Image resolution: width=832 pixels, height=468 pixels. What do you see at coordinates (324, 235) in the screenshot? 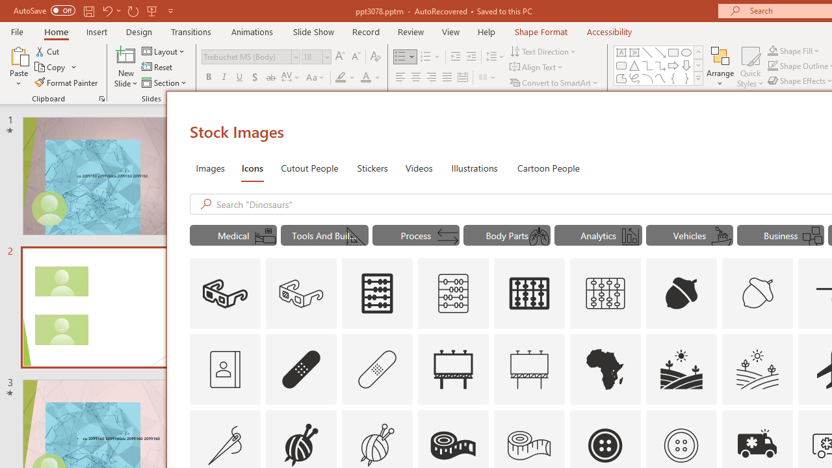
I see `'"Tools And Building" Icons.'` at bounding box center [324, 235].